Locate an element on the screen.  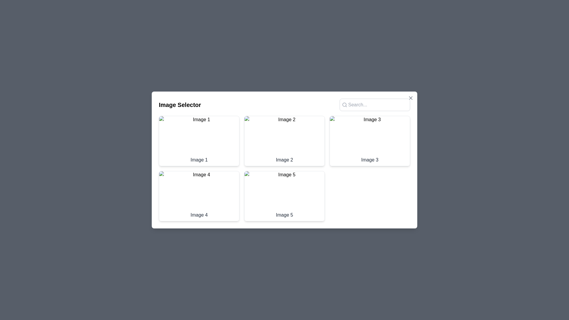
the close button to close the dialog is located at coordinates (410, 98).